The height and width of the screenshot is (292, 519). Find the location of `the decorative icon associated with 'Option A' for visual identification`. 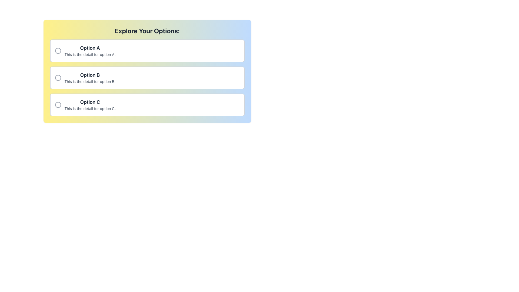

the decorative icon associated with 'Option A' for visual identification is located at coordinates (58, 51).